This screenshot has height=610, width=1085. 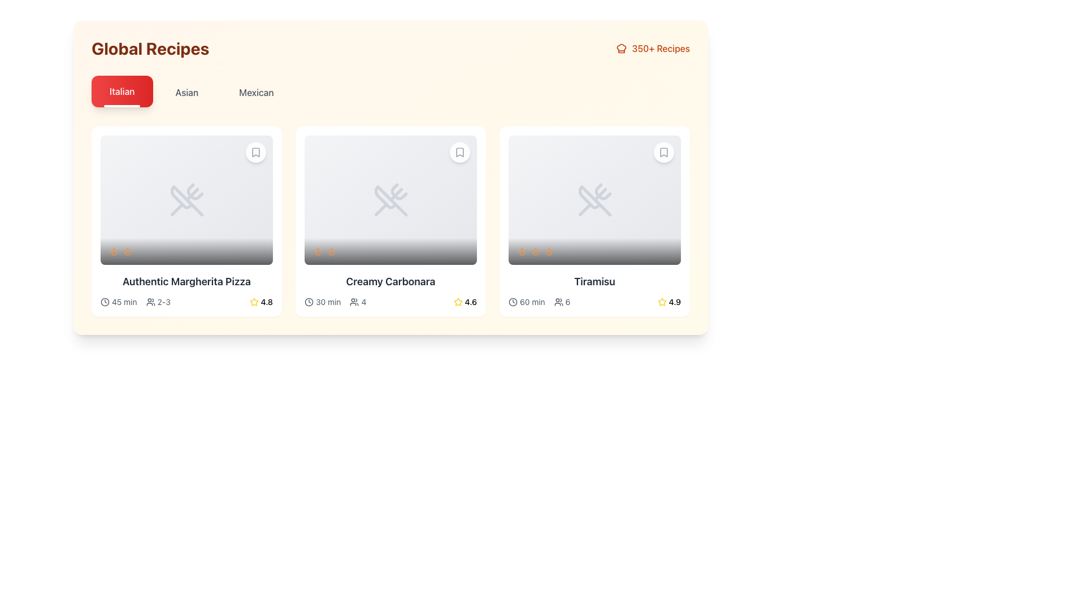 I want to click on numeric label associated with the user count icon for the 'Tiramisu' recipe card located in the bottom-right corner of the interface, so click(x=558, y=301).